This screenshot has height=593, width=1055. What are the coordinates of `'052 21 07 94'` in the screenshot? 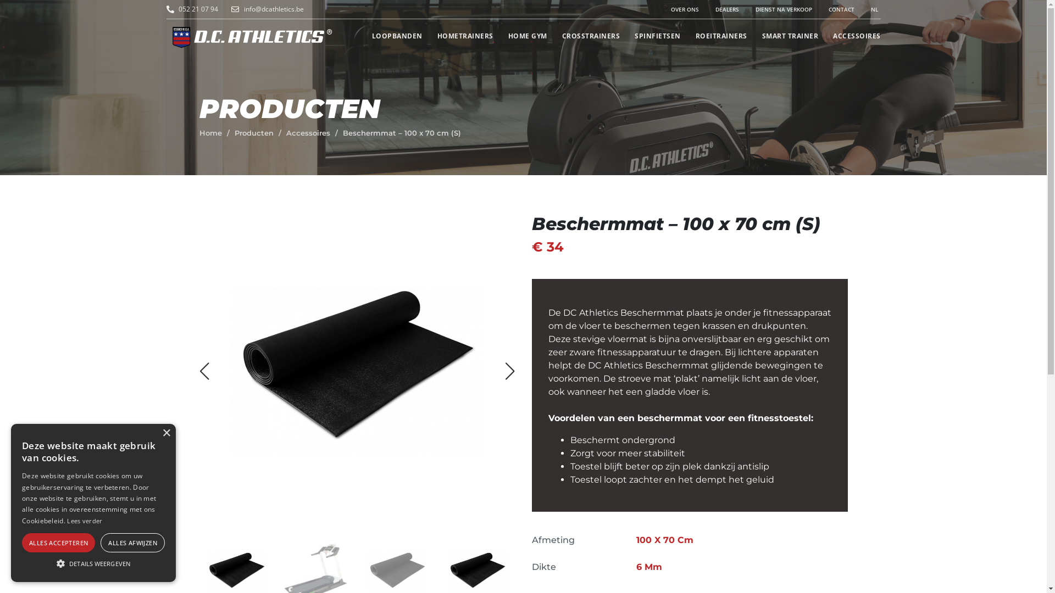 It's located at (198, 9).